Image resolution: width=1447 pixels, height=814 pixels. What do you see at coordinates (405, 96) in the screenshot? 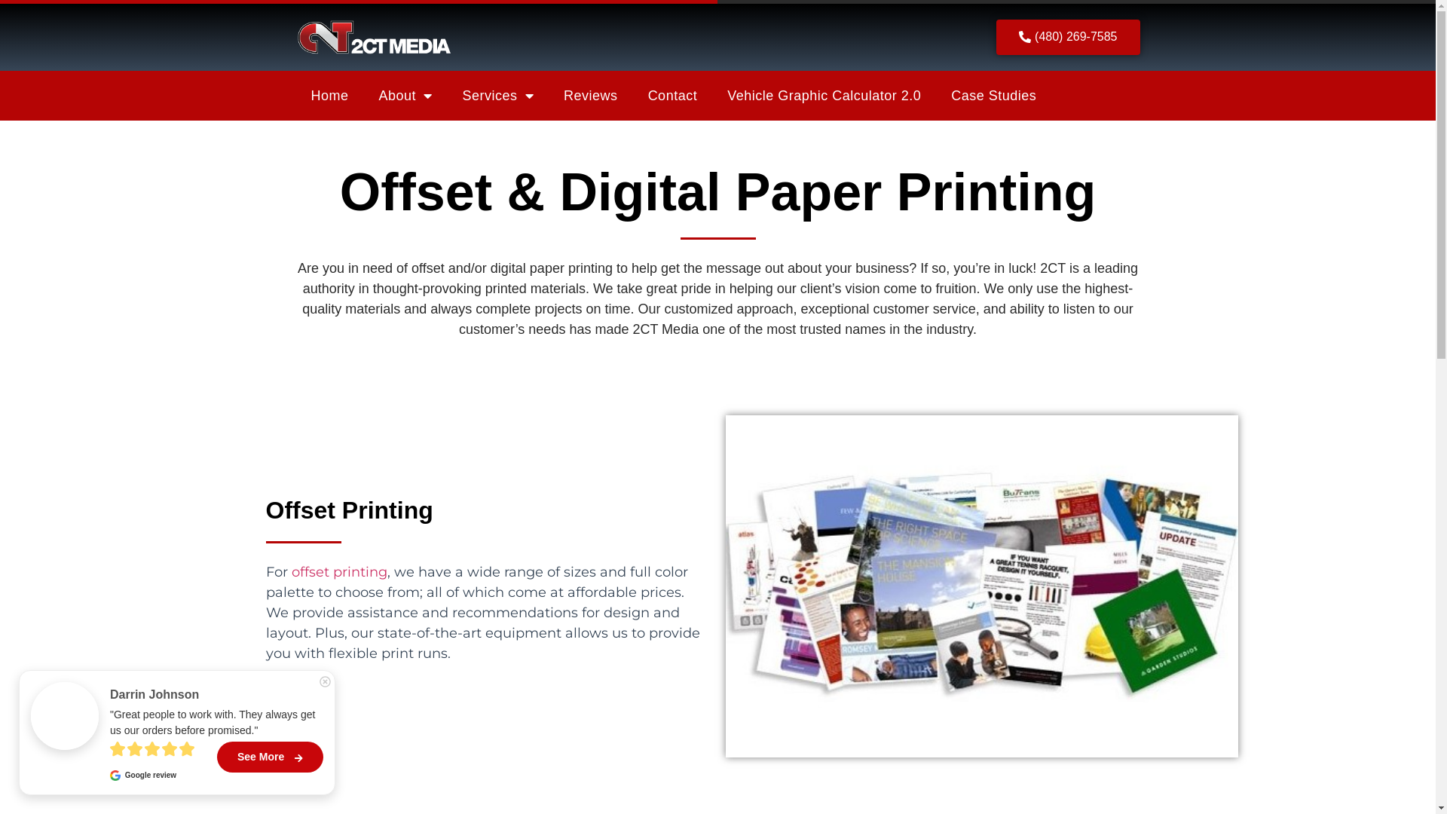
I see `'About'` at bounding box center [405, 96].